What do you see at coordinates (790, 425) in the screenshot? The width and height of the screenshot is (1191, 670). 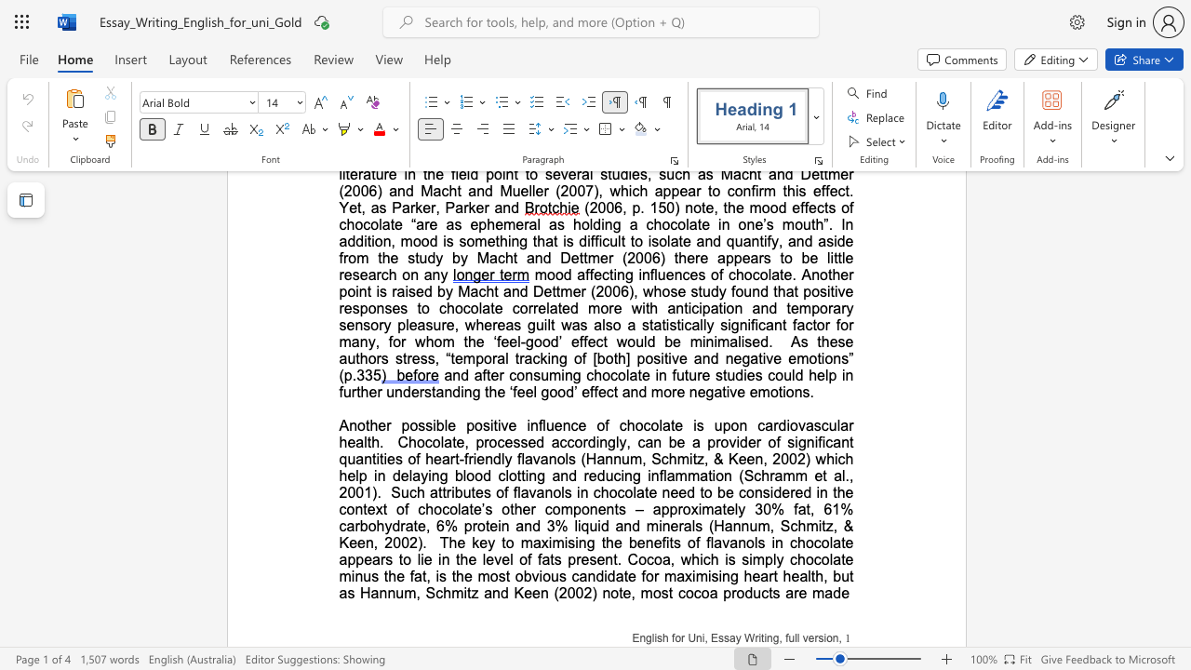 I see `the subset text "ovascular health" within the text "Another possible positive influence of chocolate is upon cardiovascular health"` at bounding box center [790, 425].